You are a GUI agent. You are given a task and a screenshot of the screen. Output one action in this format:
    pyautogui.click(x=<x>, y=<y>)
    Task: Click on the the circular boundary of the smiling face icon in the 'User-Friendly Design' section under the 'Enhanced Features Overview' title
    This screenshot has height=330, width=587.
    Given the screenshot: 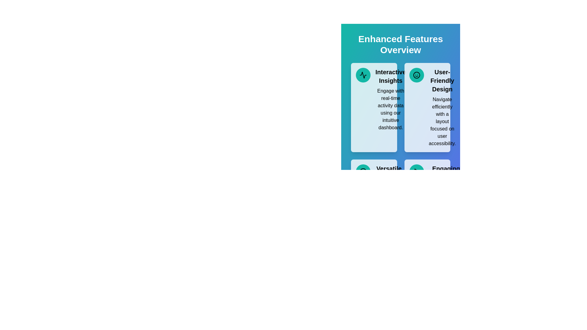 What is the action you would take?
    pyautogui.click(x=416, y=75)
    